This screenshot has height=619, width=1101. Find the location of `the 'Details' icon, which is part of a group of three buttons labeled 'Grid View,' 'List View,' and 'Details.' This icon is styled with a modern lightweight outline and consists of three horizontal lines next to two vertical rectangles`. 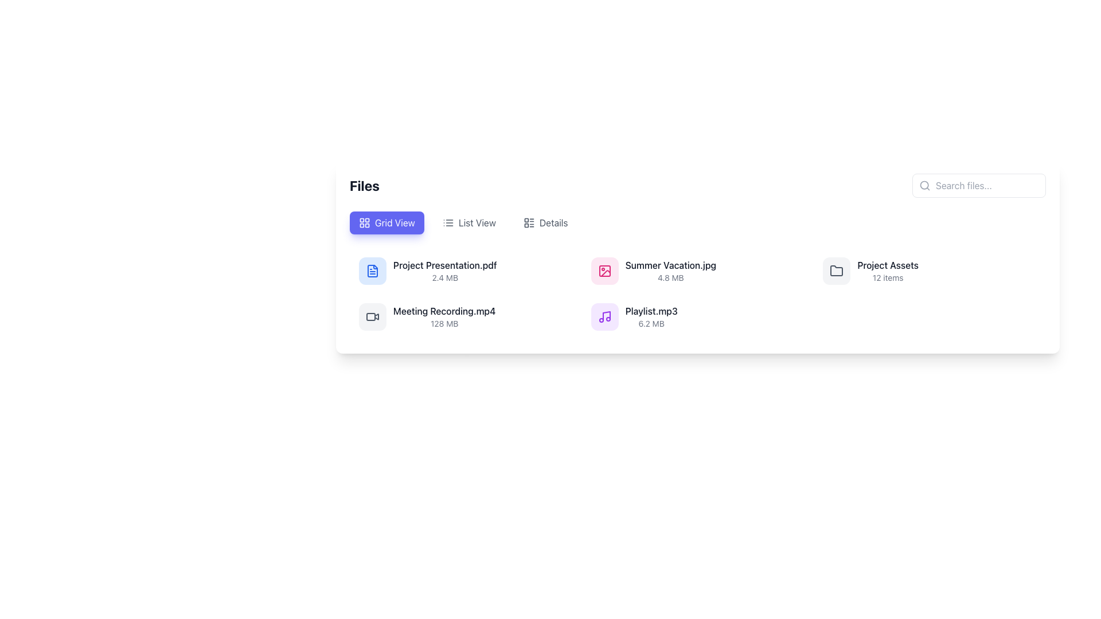

the 'Details' icon, which is part of a group of three buttons labeled 'Grid View,' 'List View,' and 'Details.' This icon is styled with a modern lightweight outline and consists of three horizontal lines next to two vertical rectangles is located at coordinates (528, 223).